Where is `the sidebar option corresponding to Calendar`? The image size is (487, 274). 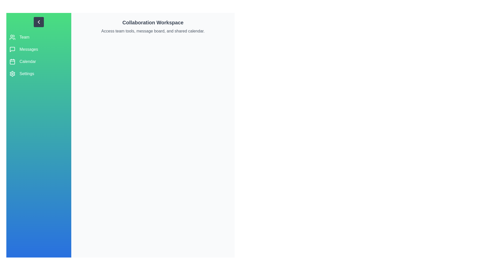
the sidebar option corresponding to Calendar is located at coordinates (39, 61).